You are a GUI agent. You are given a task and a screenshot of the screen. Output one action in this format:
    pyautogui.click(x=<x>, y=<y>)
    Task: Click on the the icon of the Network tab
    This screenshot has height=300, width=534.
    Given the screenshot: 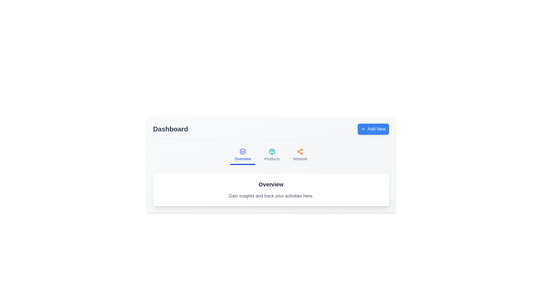 What is the action you would take?
    pyautogui.click(x=300, y=152)
    